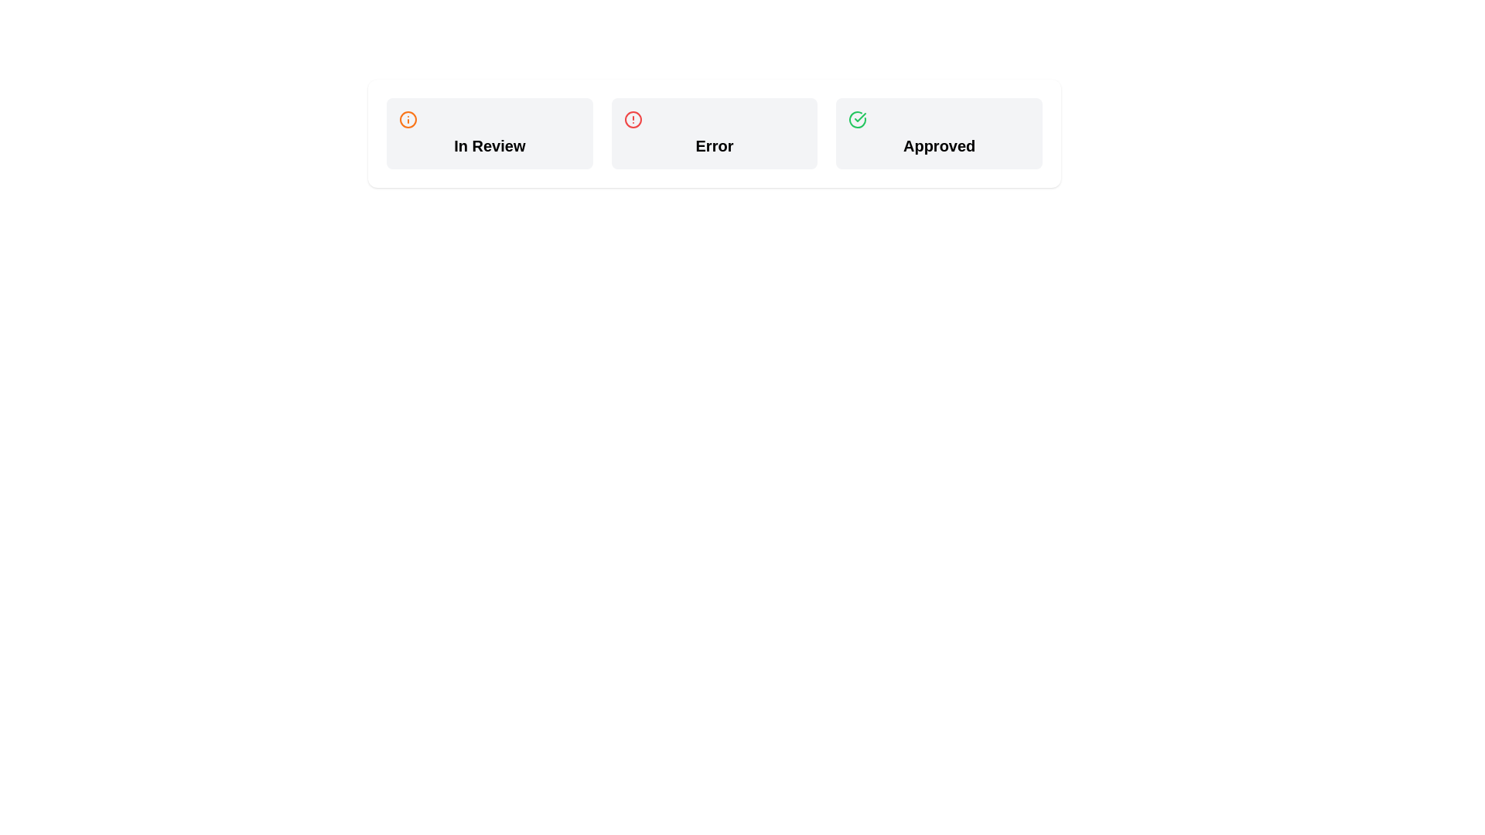 Image resolution: width=1485 pixels, height=835 pixels. I want to click on the second Text Label which indicates an error state, positioned between 'In Review' and 'Approved', so click(713, 146).